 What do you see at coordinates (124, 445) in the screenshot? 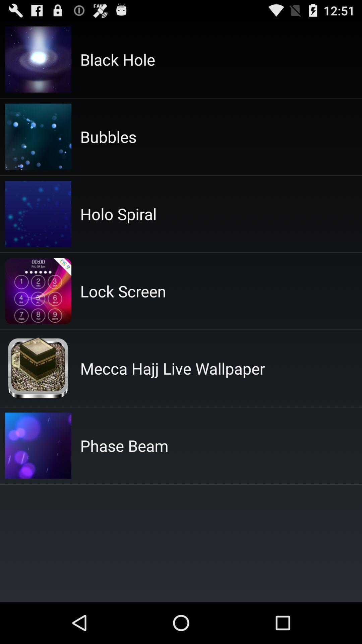
I see `app below mecca hajj live item` at bounding box center [124, 445].